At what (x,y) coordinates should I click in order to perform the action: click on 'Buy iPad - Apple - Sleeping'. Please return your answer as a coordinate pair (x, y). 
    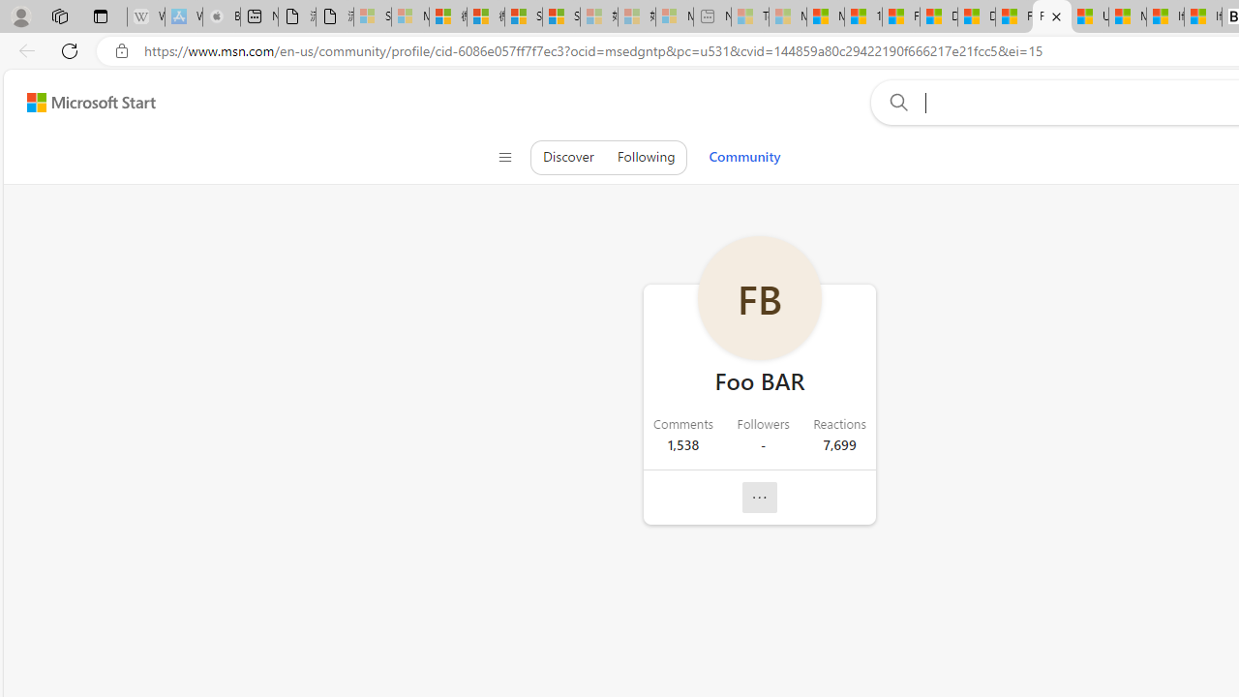
    Looking at the image, I should click on (222, 16).